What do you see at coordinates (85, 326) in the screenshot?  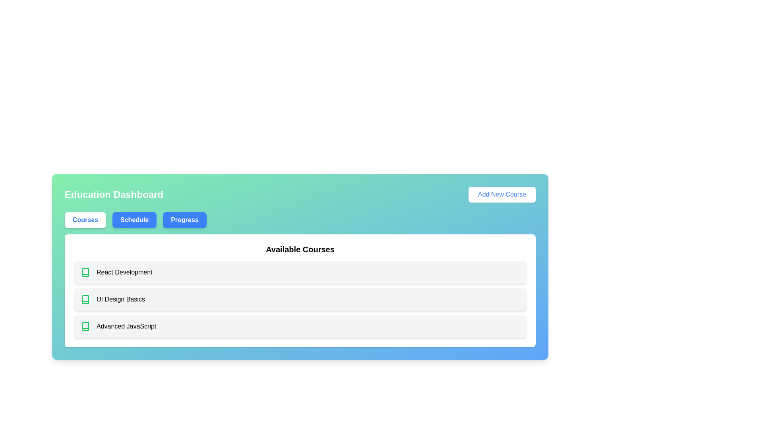 I see `the icon representing the 'Advanced JavaScript' course for interaction` at bounding box center [85, 326].